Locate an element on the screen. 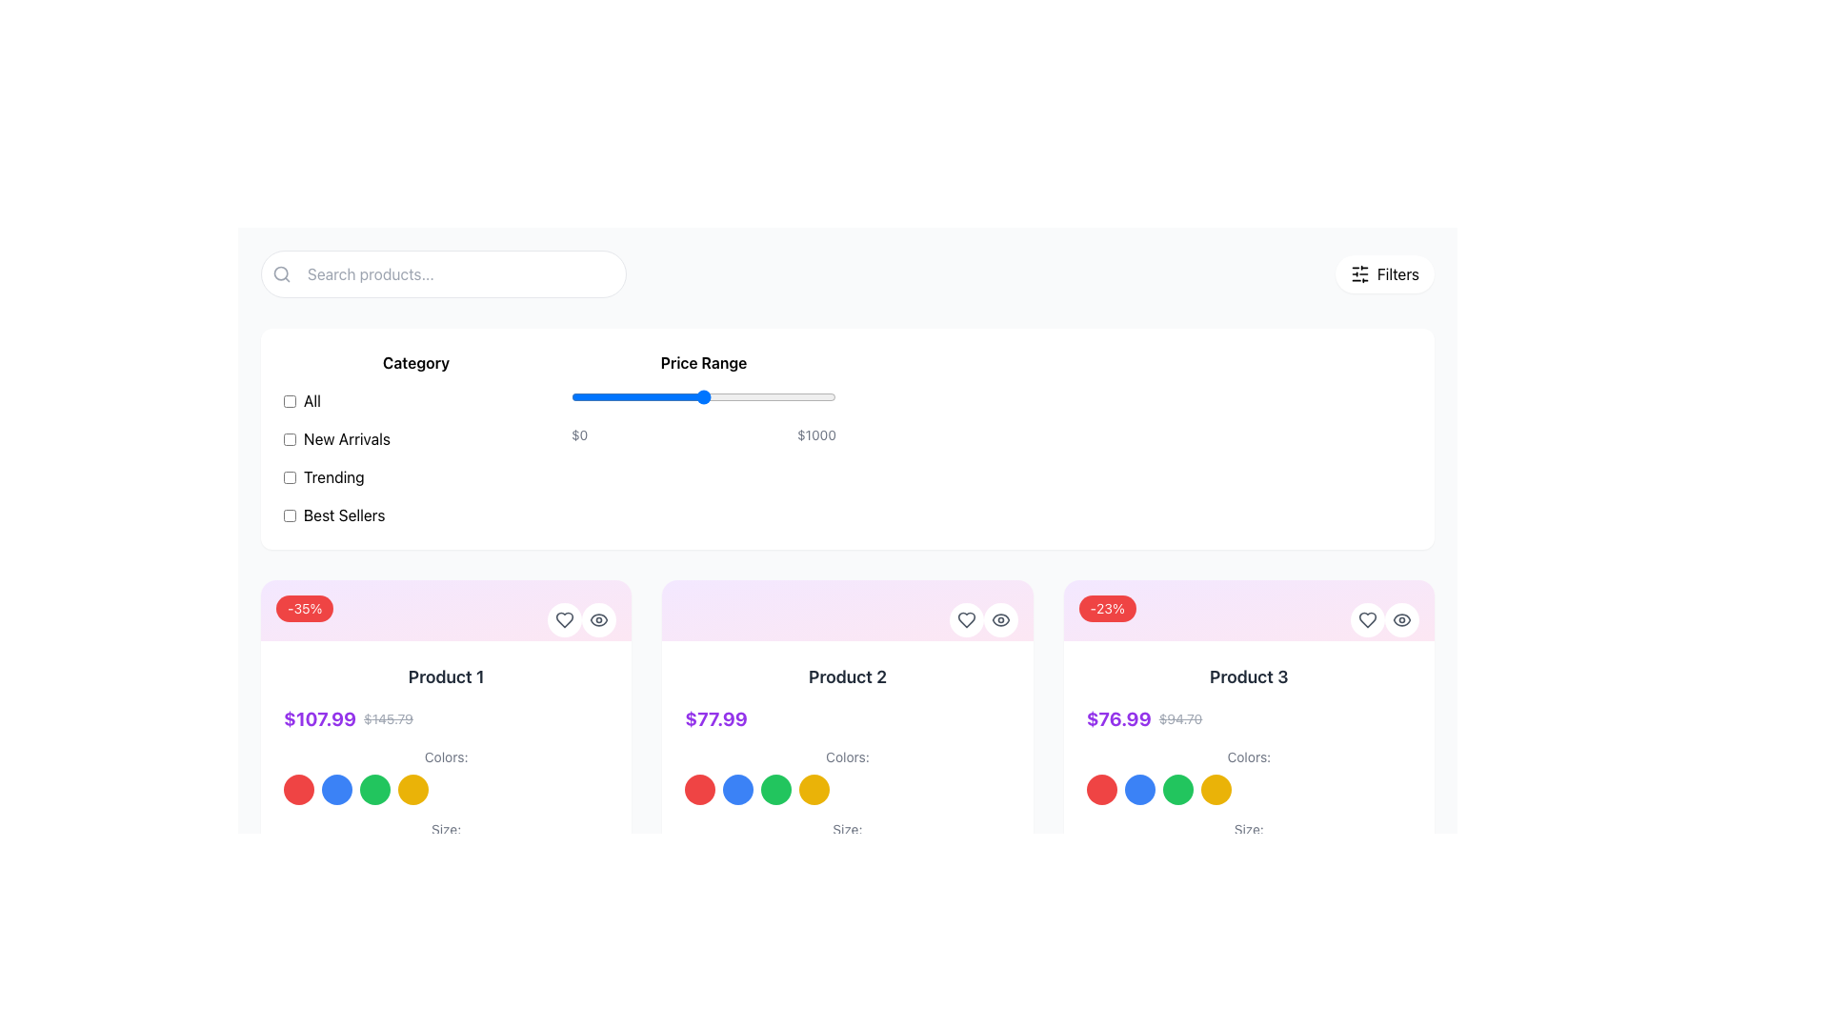  the heart-shaped icon with a line art design to mark 'Product 3' as favorite is located at coordinates (1366, 620).